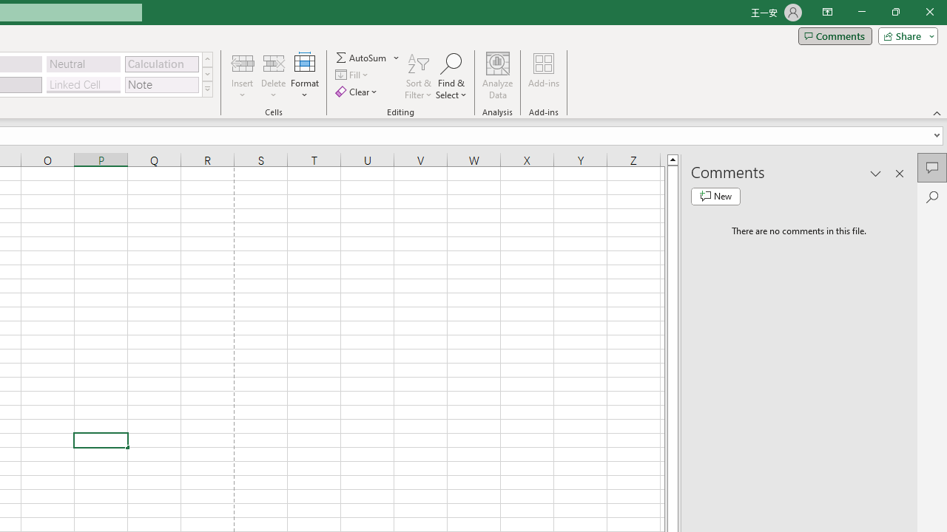 Image resolution: width=947 pixels, height=532 pixels. Describe the element at coordinates (357, 92) in the screenshot. I see `'Clear'` at that location.